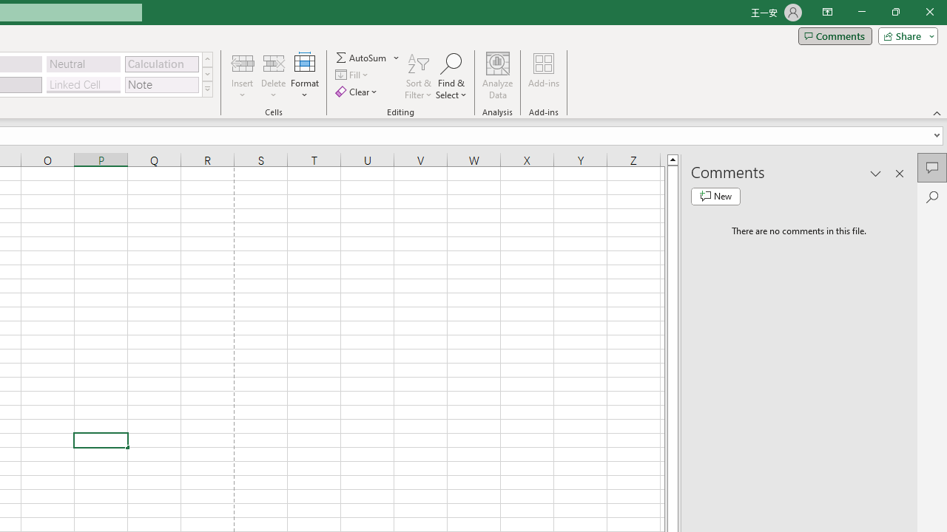 Image resolution: width=947 pixels, height=532 pixels. Describe the element at coordinates (357, 92) in the screenshot. I see `'Clear'` at that location.